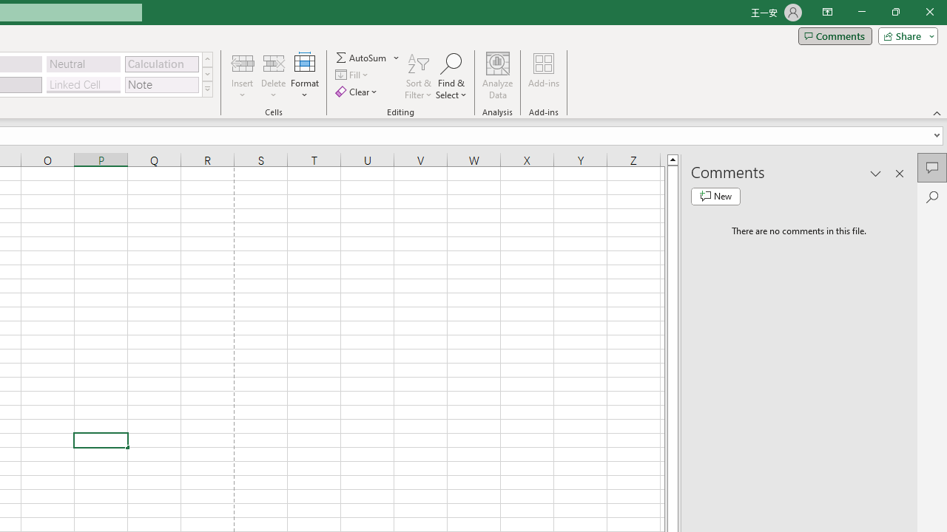 Image resolution: width=947 pixels, height=532 pixels. Describe the element at coordinates (357, 92) in the screenshot. I see `'Clear'` at that location.